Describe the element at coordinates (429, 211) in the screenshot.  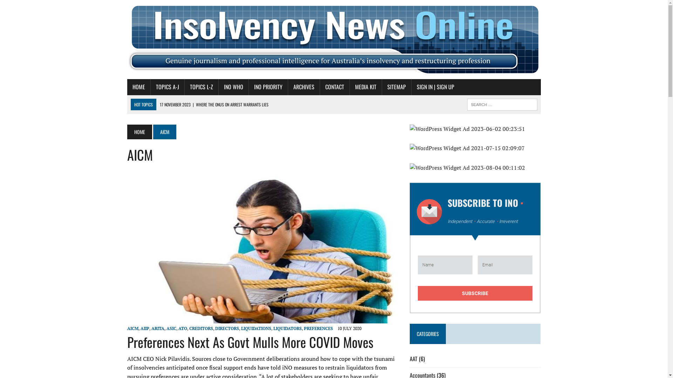
I see `'set_22_icon'` at that location.